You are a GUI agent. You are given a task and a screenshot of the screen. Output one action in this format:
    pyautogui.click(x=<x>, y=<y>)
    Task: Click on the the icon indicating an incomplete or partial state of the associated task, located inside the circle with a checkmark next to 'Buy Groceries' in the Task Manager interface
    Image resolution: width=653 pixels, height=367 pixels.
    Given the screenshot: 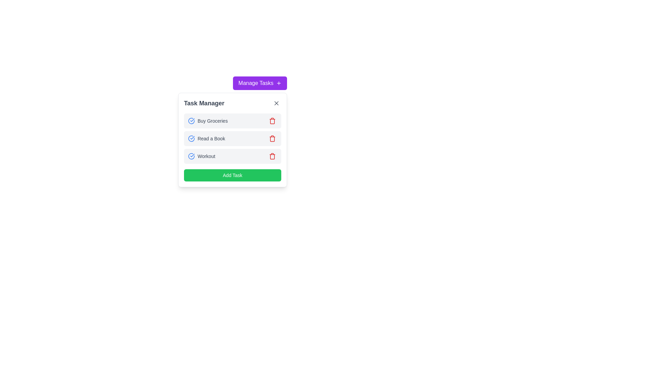 What is the action you would take?
    pyautogui.click(x=191, y=120)
    